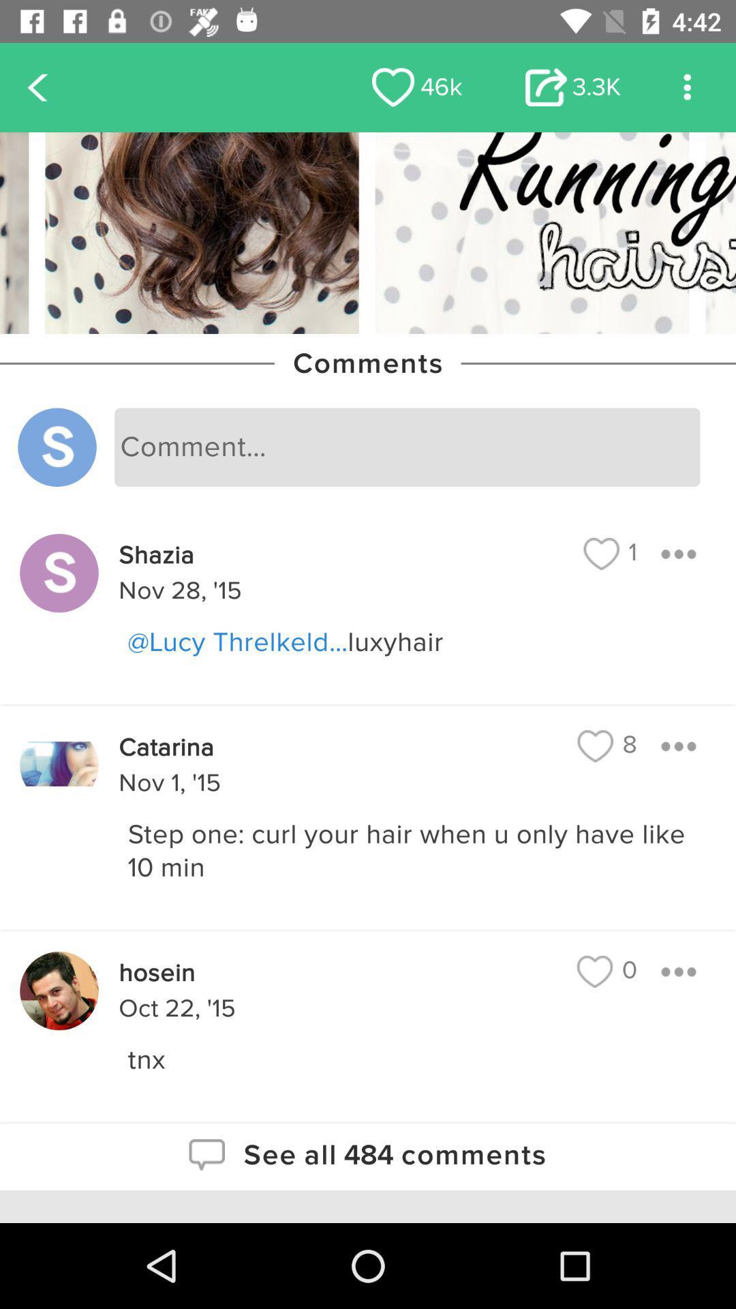  Describe the element at coordinates (416, 87) in the screenshot. I see `the 46k item` at that location.